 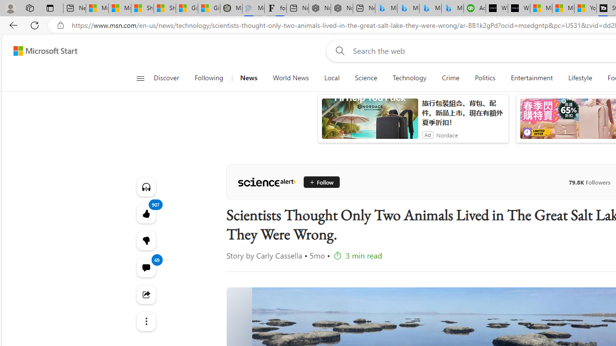 What do you see at coordinates (409, 78) in the screenshot?
I see `'Technology'` at bounding box center [409, 78].